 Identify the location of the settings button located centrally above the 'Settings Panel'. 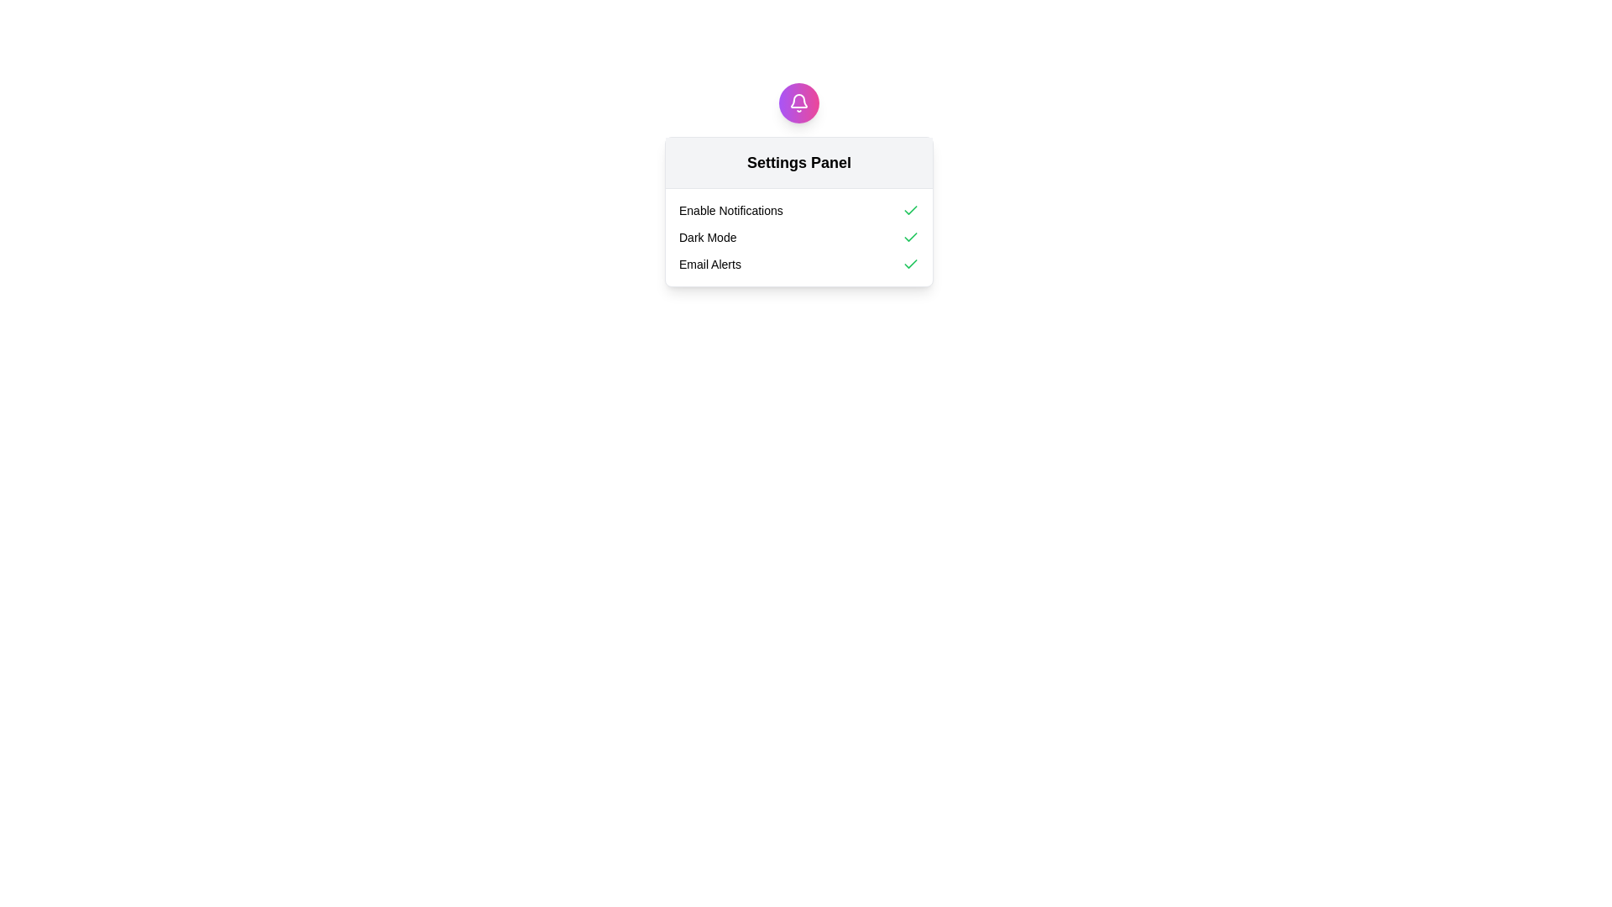
(798, 103).